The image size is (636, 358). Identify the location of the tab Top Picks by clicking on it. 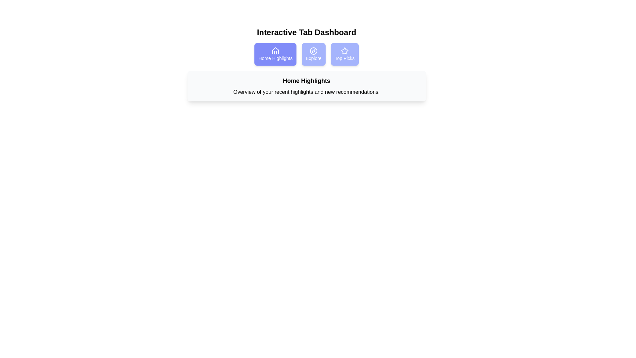
(344, 54).